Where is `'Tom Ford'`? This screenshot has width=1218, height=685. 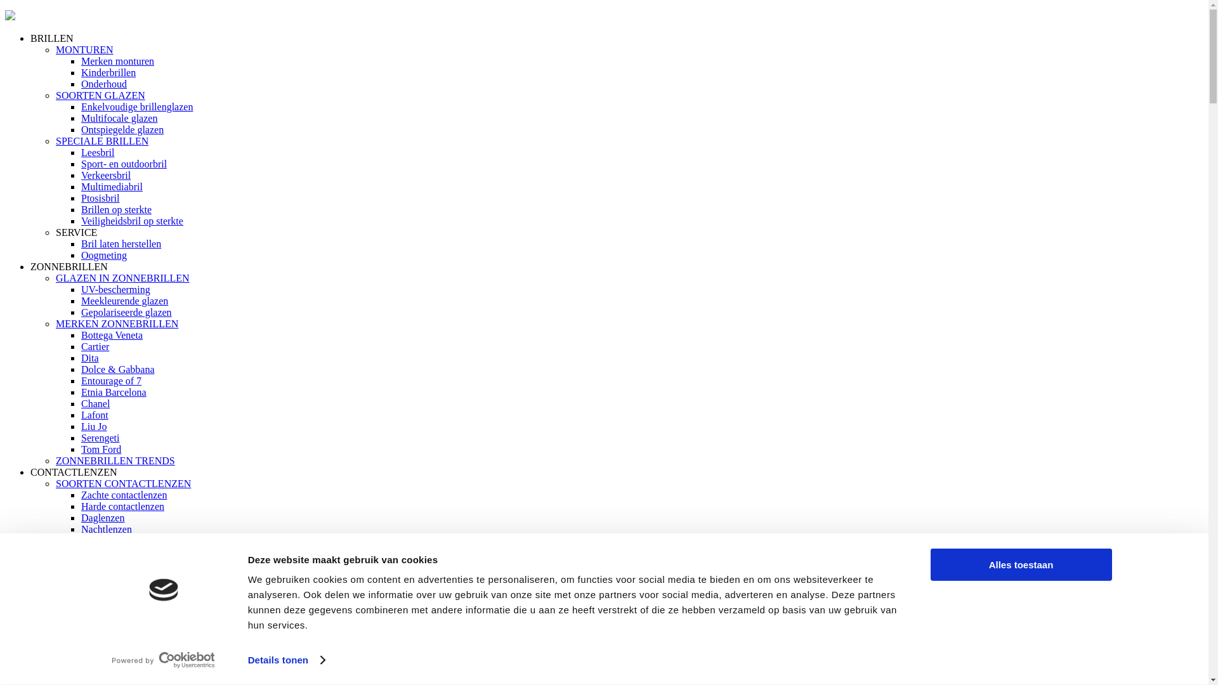 'Tom Ford' is located at coordinates (81, 448).